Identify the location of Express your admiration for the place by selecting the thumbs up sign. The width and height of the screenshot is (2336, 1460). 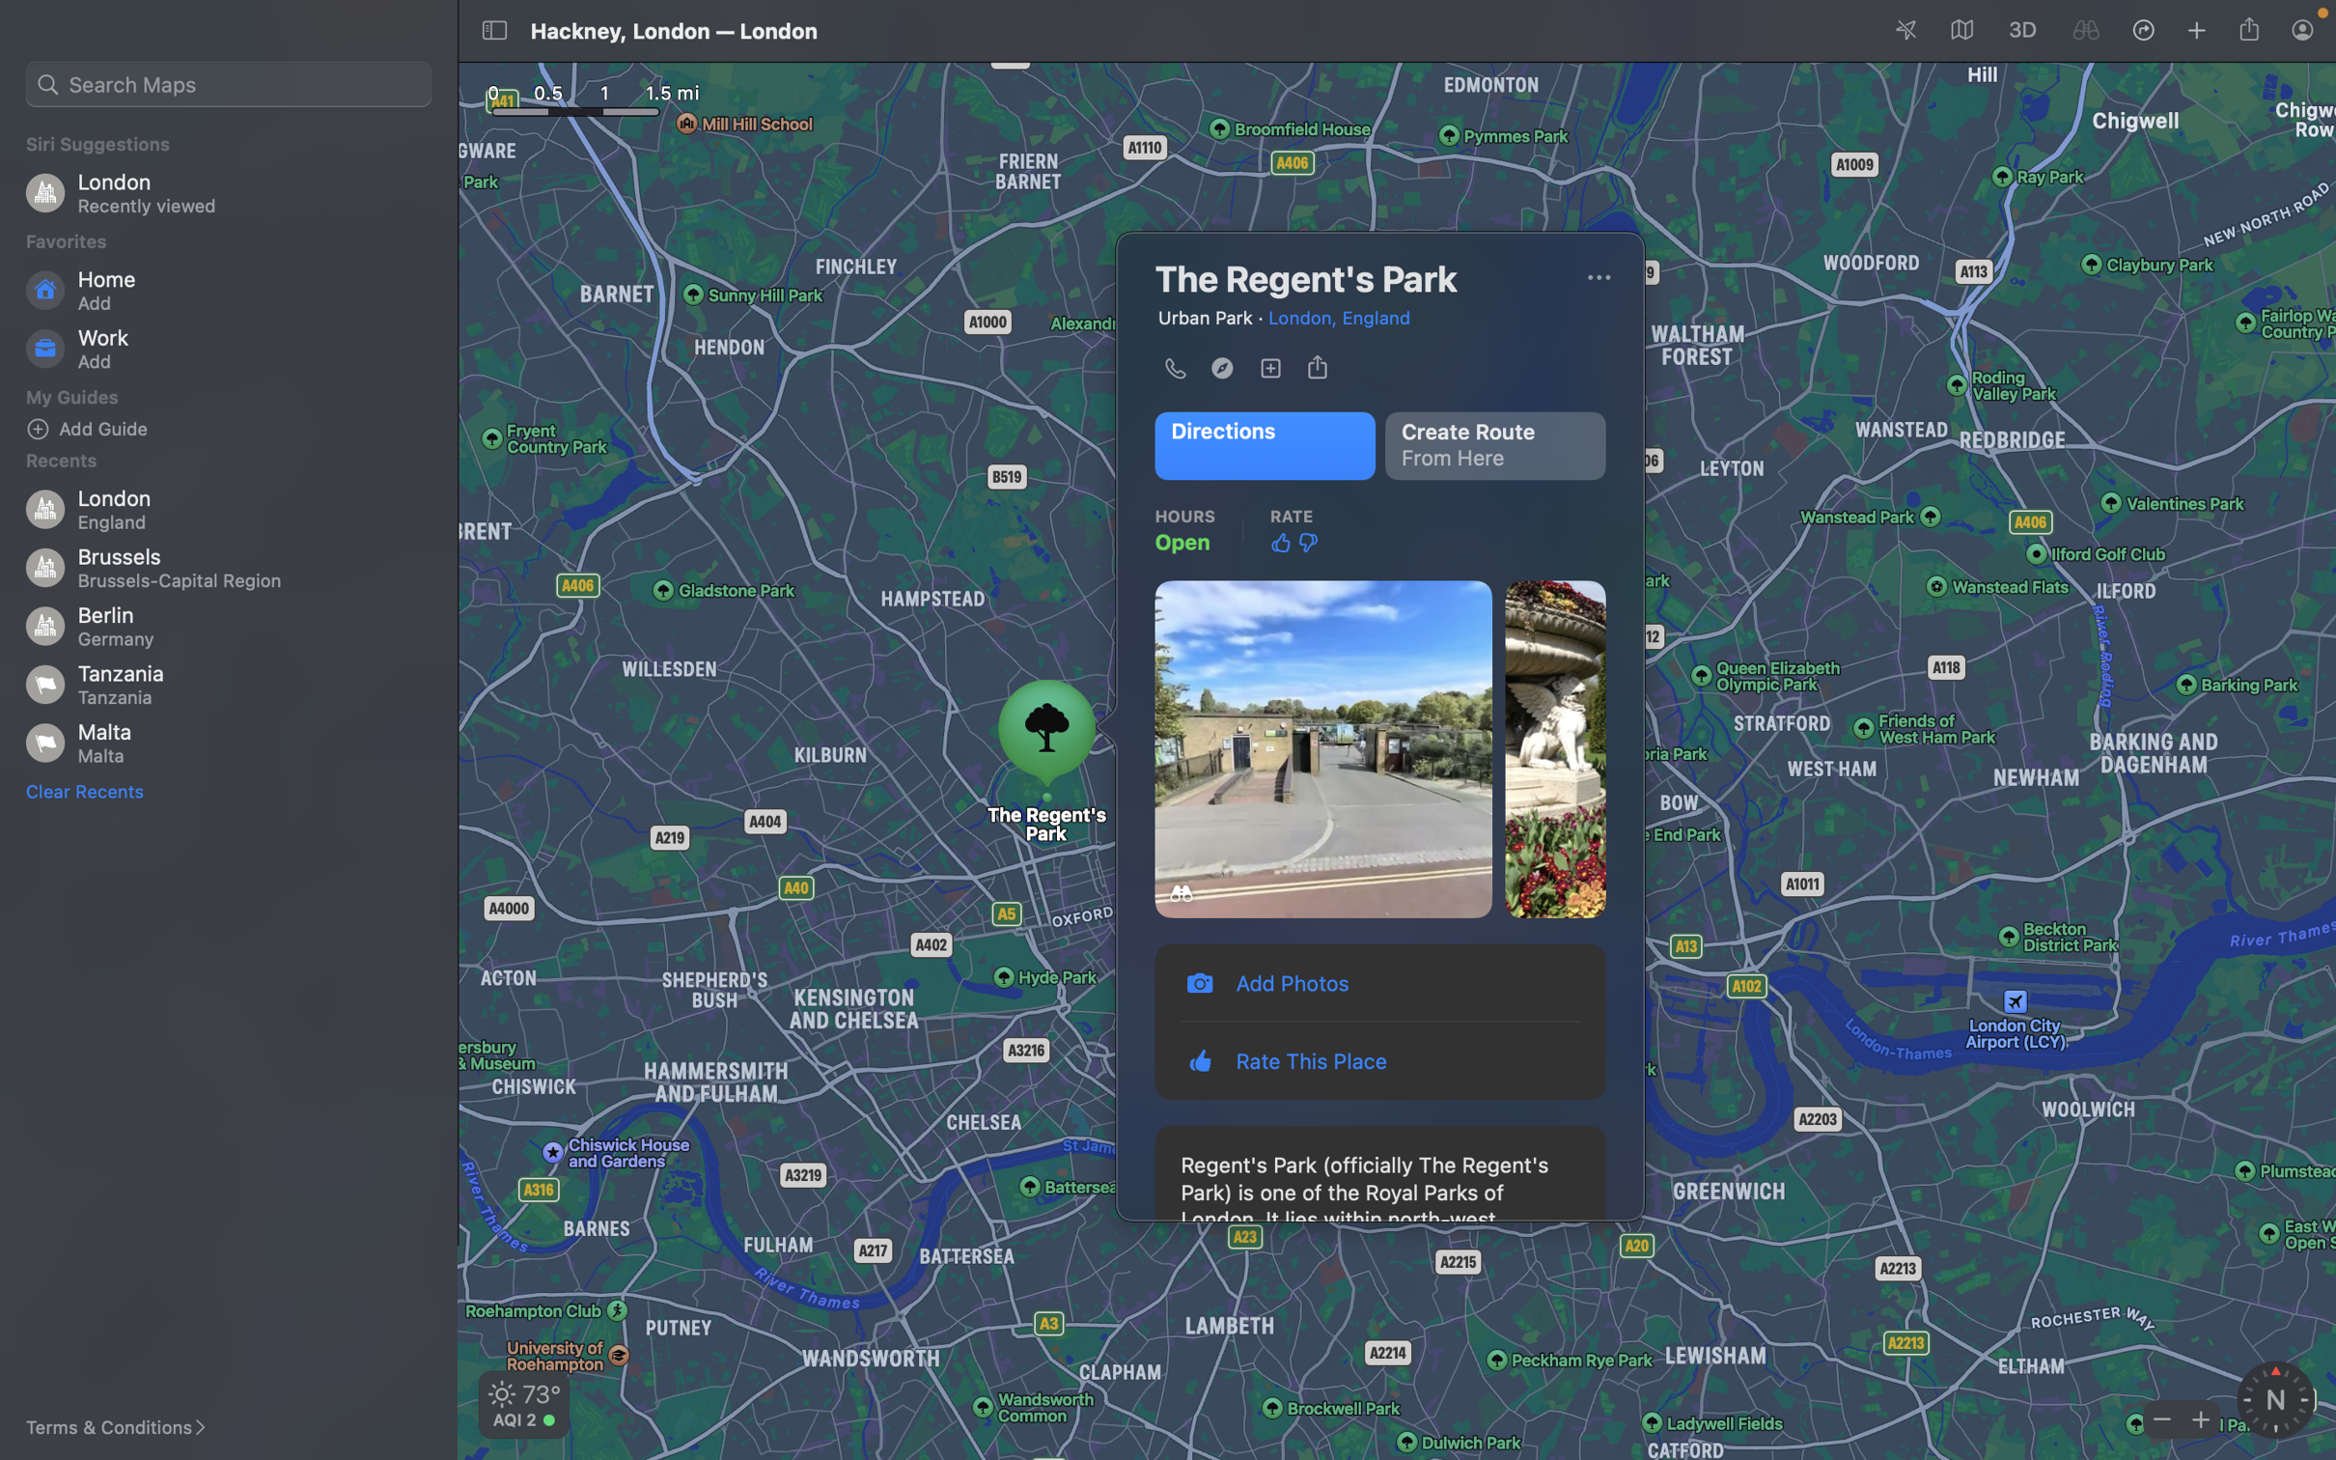
(1280, 542).